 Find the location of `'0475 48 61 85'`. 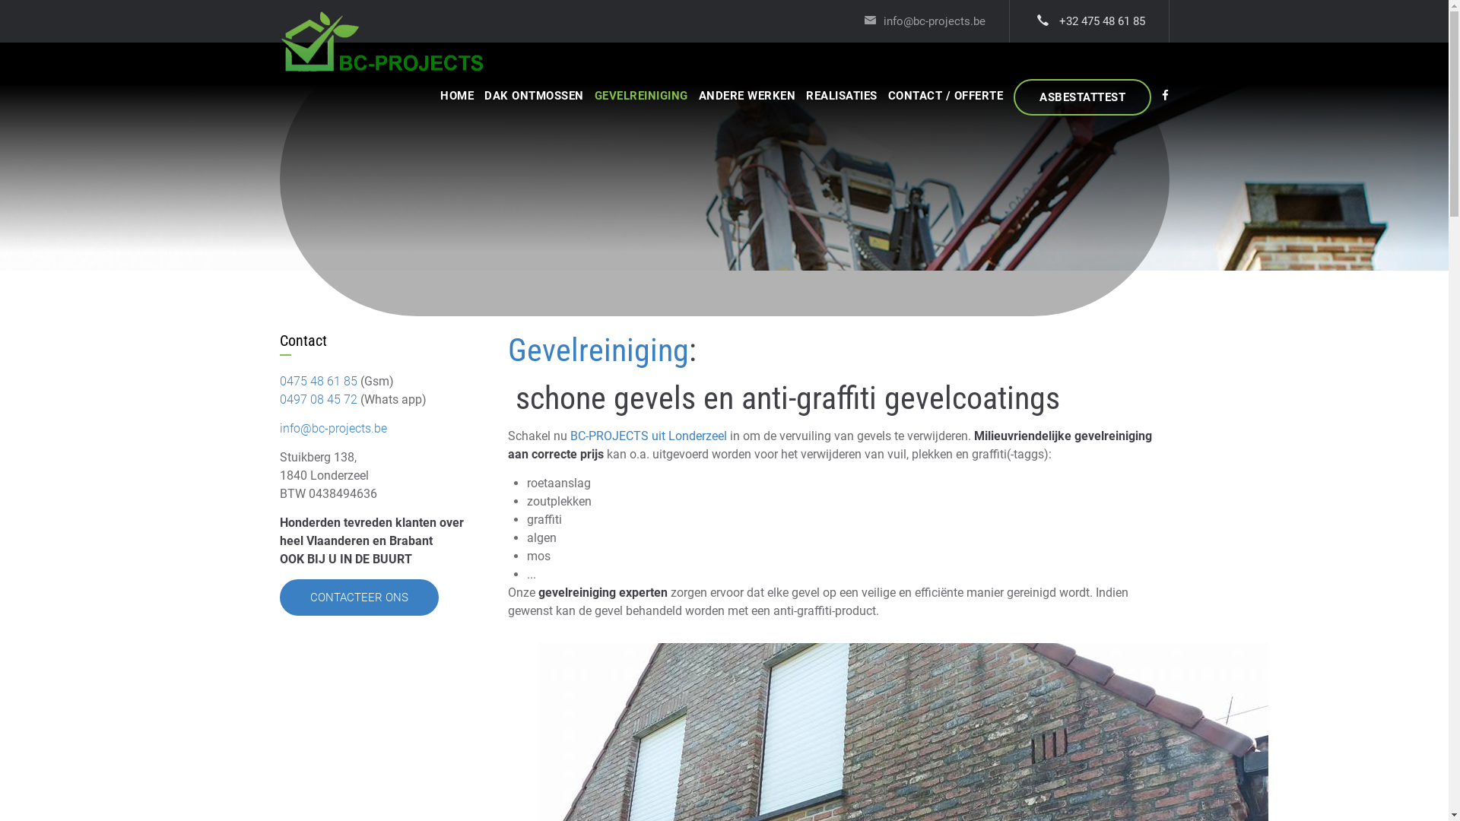

'0475 48 61 85' is located at coordinates (317, 380).